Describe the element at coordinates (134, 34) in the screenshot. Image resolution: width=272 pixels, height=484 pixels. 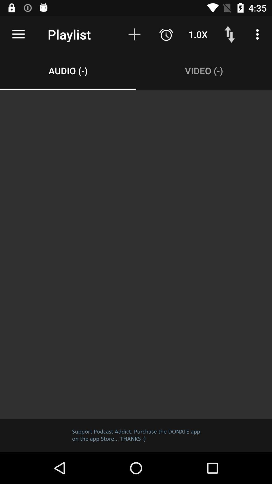
I see `item to the right of playlist item` at that location.